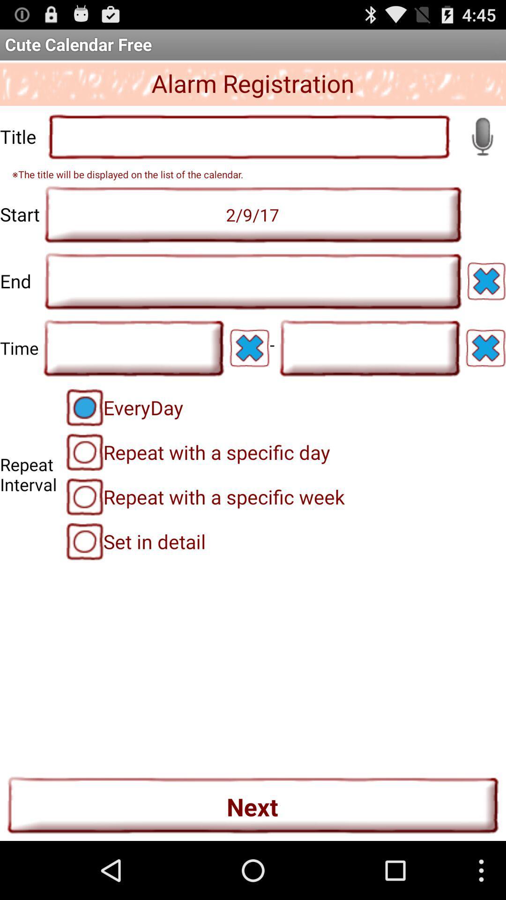 The width and height of the screenshot is (506, 900). What do you see at coordinates (485, 347) in the screenshot?
I see `clear this item` at bounding box center [485, 347].